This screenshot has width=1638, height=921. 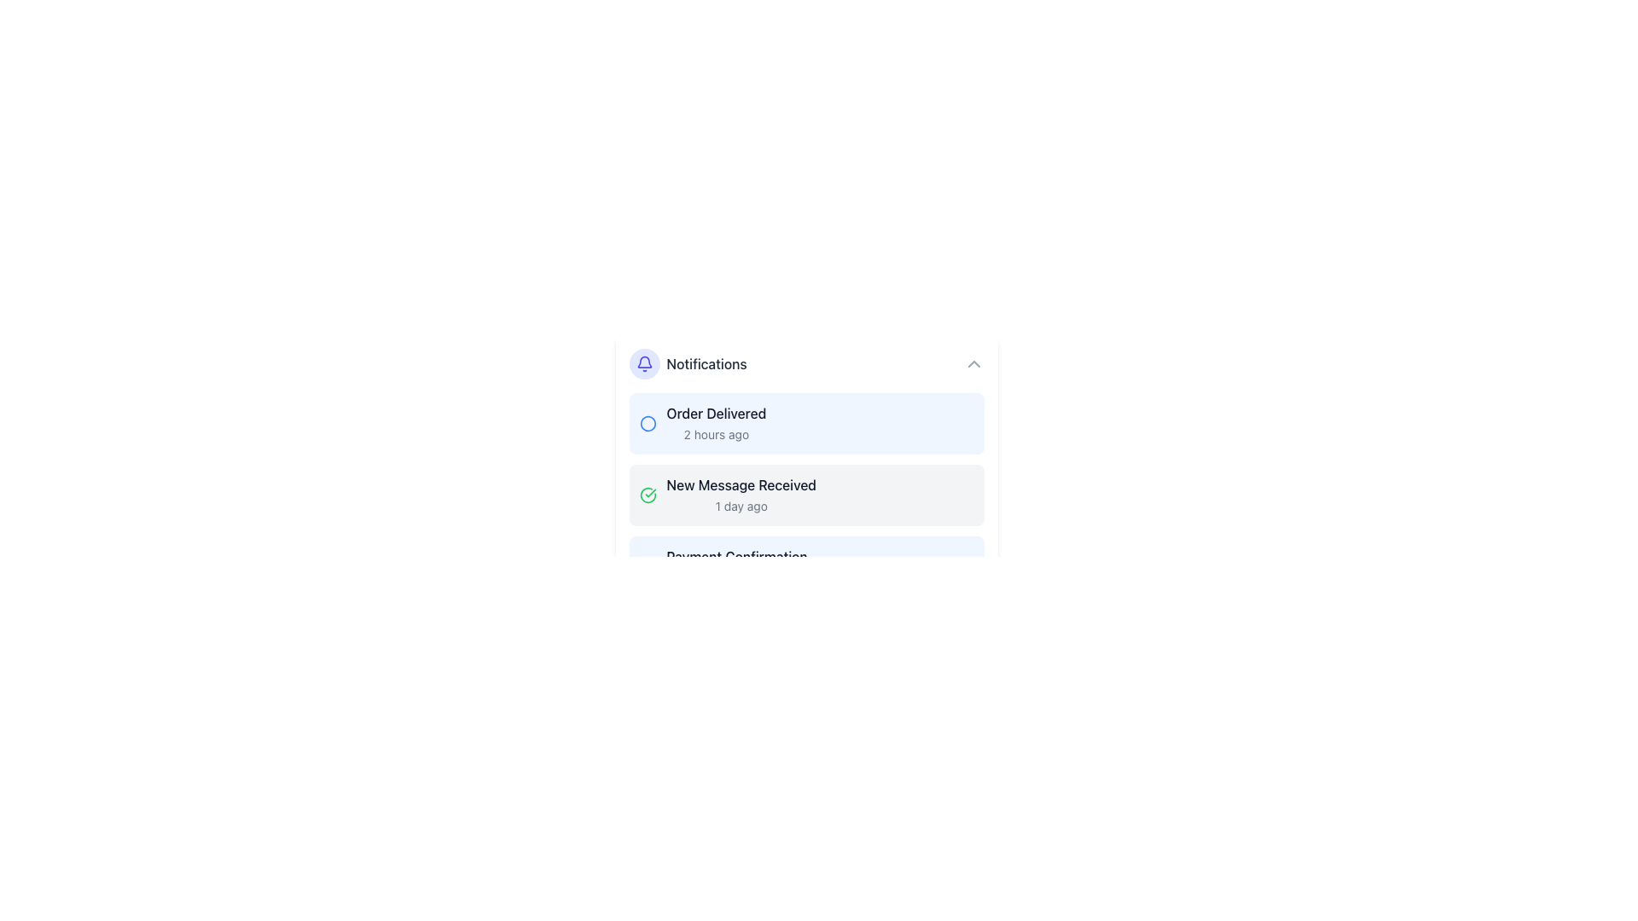 I want to click on the second notification item in the notifications list, which displays 'New Message Received' with a green checkmark icon, so click(x=728, y=495).